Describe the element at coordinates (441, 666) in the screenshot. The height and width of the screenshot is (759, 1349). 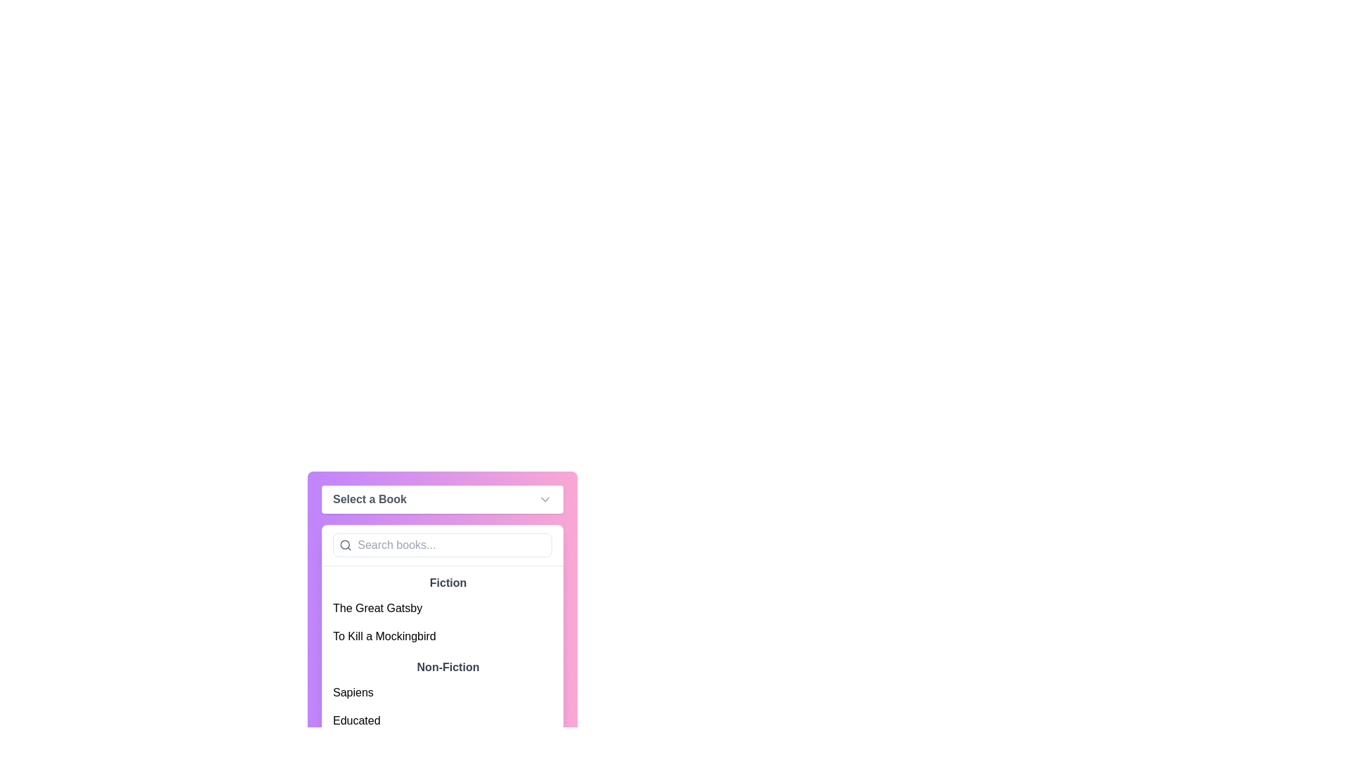
I see `the text label reading 'Non-Fiction', which is styled with a bold font and dark gray color, located in the dropdown area under the header 'Fiction'` at that location.